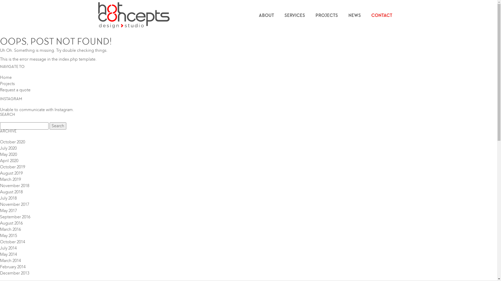 This screenshot has height=281, width=501. What do you see at coordinates (266, 15) in the screenshot?
I see `'ABOUT'` at bounding box center [266, 15].